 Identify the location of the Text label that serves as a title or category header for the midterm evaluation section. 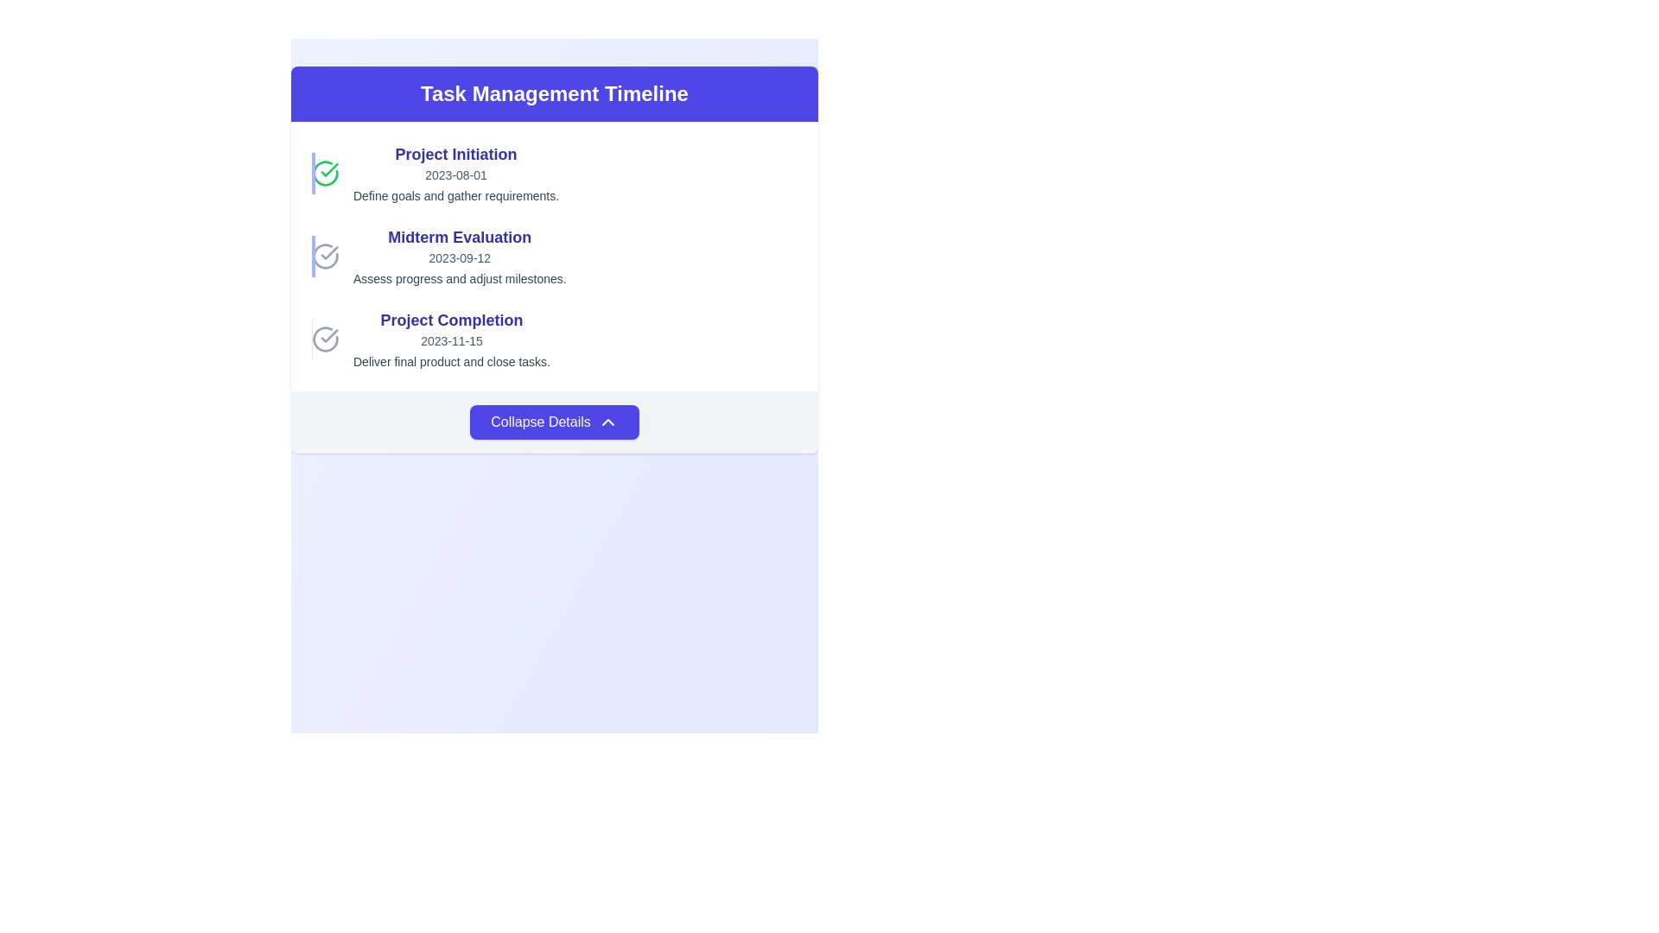
(460, 237).